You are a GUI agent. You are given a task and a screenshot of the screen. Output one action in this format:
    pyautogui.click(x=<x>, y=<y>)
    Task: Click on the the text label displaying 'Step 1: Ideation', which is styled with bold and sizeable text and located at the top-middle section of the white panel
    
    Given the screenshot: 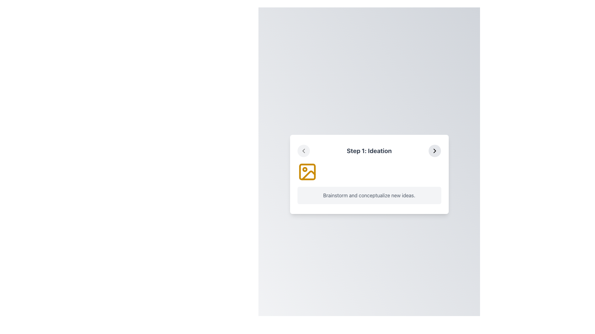 What is the action you would take?
    pyautogui.click(x=369, y=151)
    